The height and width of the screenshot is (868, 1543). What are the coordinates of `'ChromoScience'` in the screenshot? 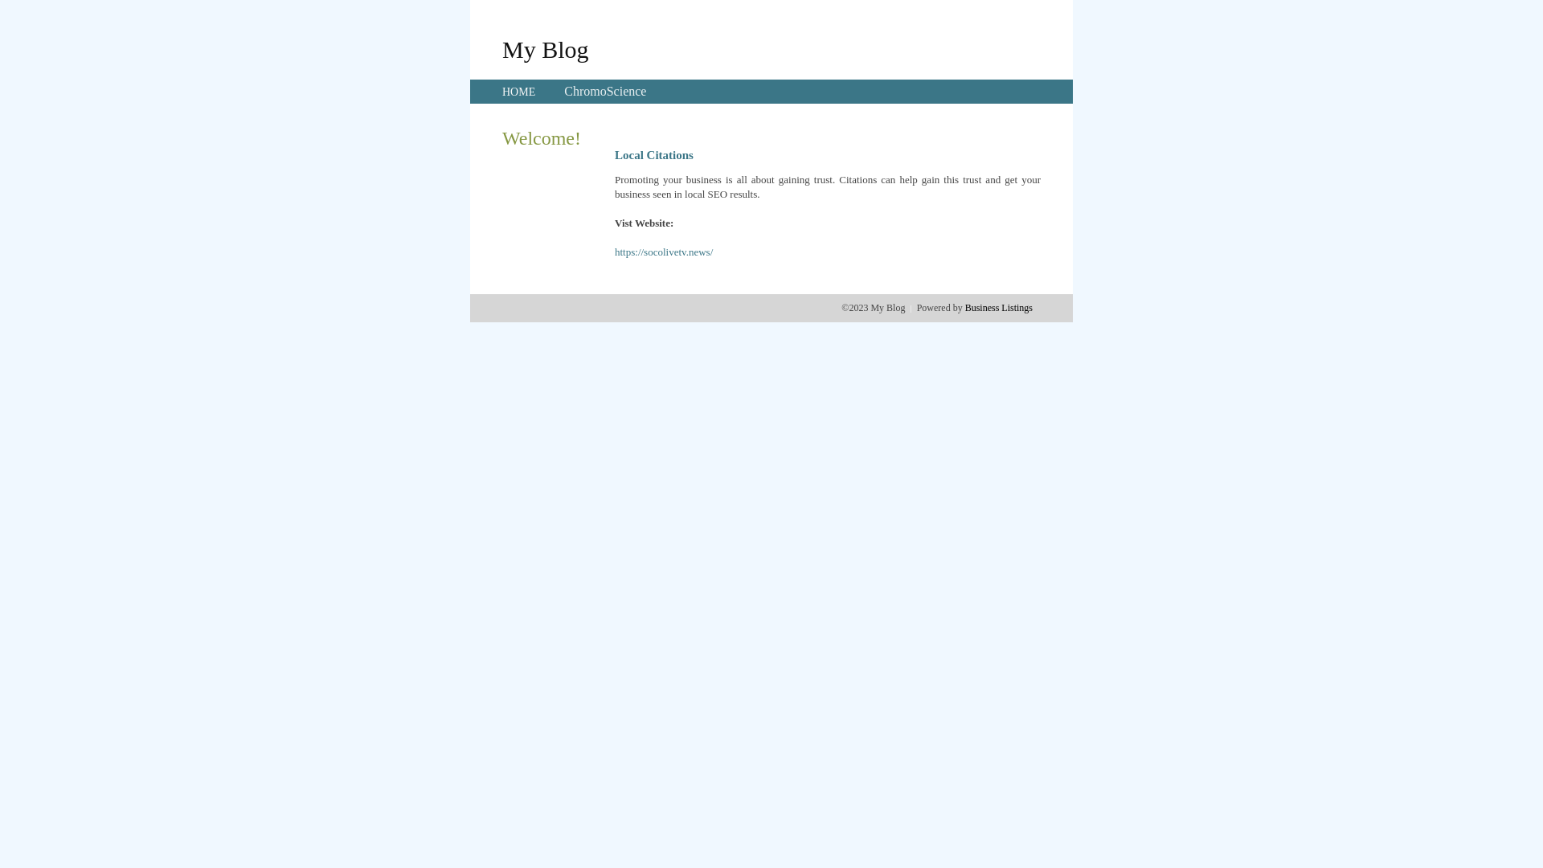 It's located at (604, 91).